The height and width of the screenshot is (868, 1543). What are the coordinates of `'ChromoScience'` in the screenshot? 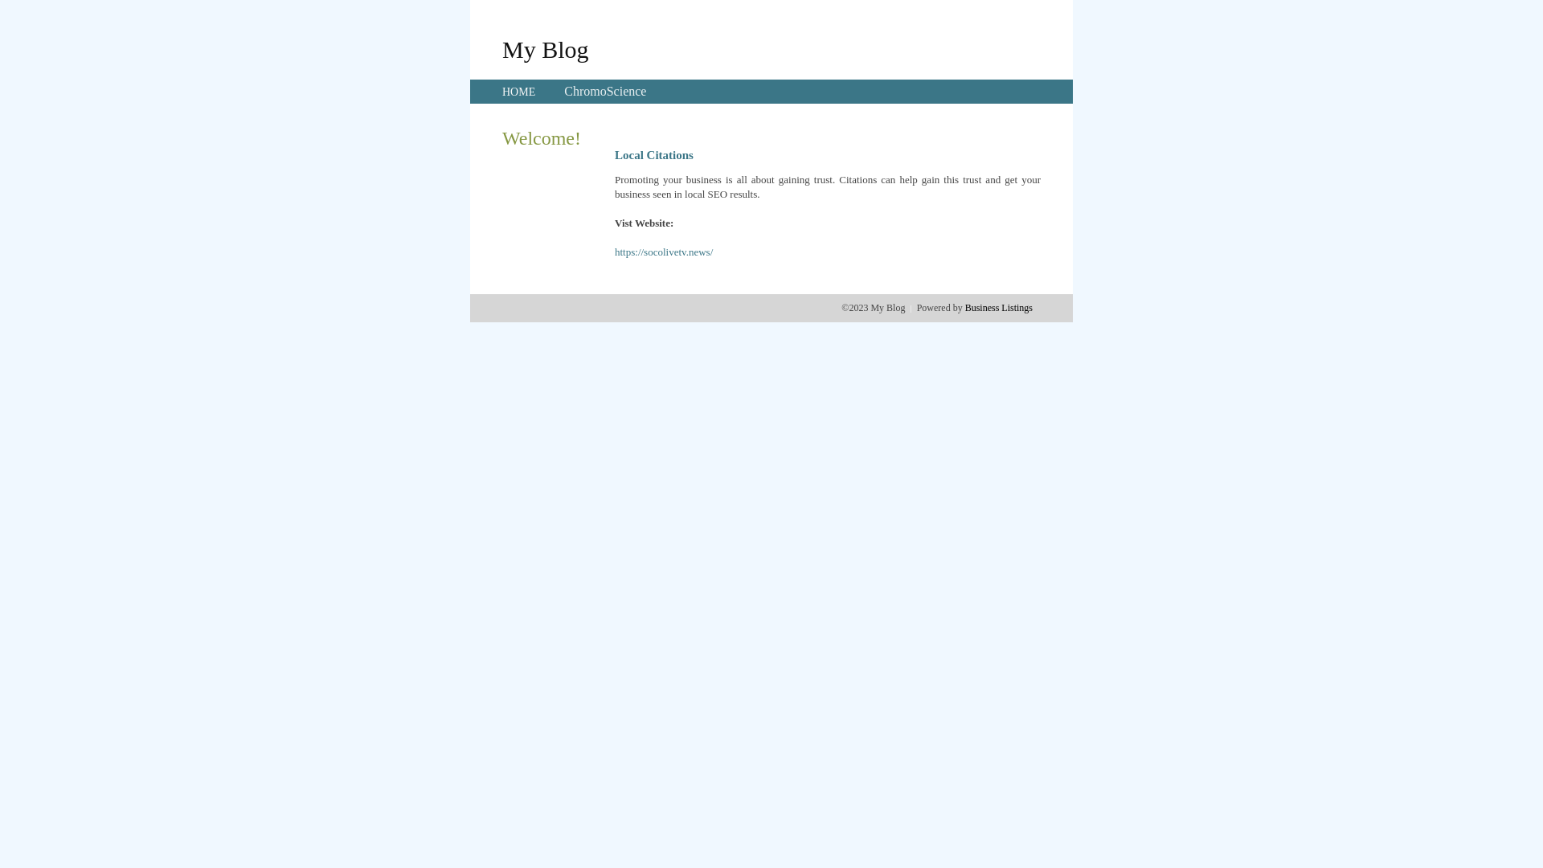 It's located at (604, 91).